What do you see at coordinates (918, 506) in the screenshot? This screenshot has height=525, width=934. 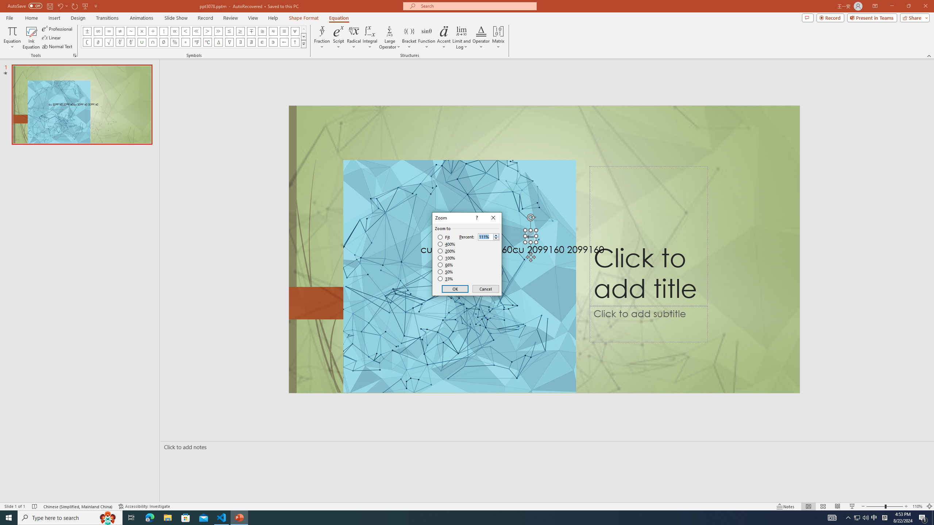 I see `'Zoom 110%'` at bounding box center [918, 506].